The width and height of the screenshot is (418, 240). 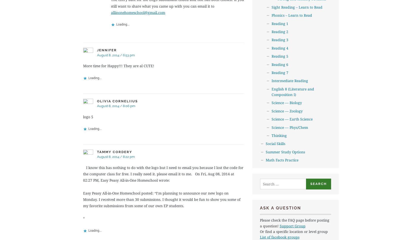 What do you see at coordinates (271, 64) in the screenshot?
I see `'Reading 6'` at bounding box center [271, 64].